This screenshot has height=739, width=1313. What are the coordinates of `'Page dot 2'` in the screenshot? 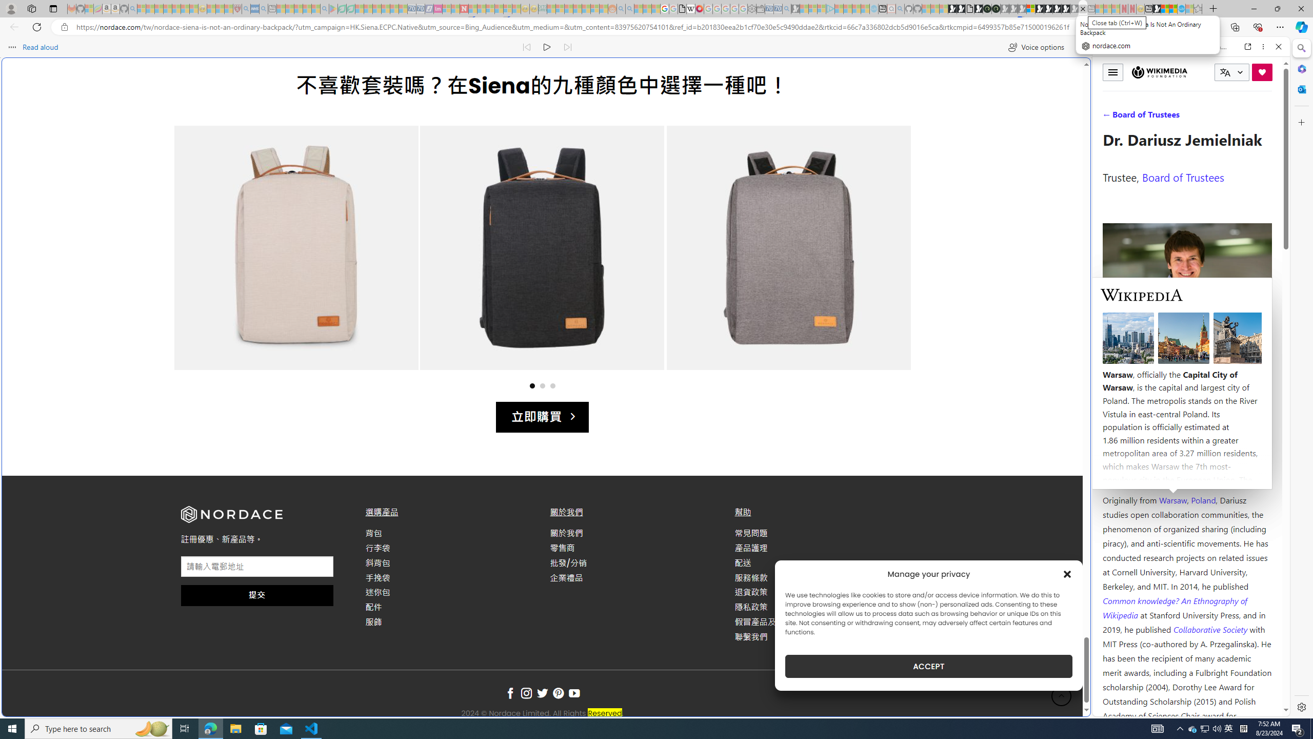 It's located at (542, 385).